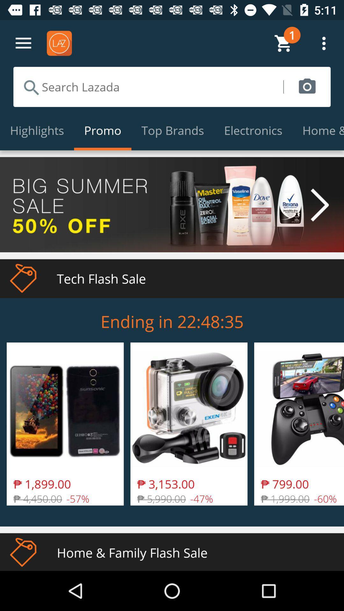 This screenshot has width=344, height=611. Describe the element at coordinates (148, 87) in the screenshot. I see `search keywords` at that location.